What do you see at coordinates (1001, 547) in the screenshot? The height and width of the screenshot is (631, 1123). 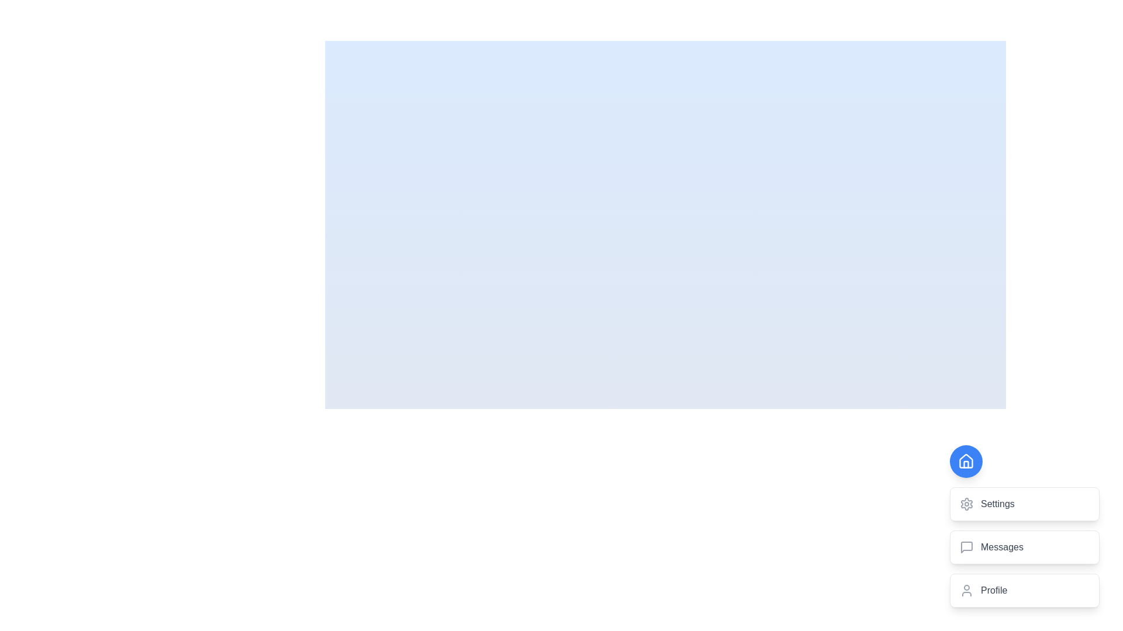 I see `the 'Messages' text label located in the bottom-right corner of the interface to trigger possible effects` at bounding box center [1001, 547].